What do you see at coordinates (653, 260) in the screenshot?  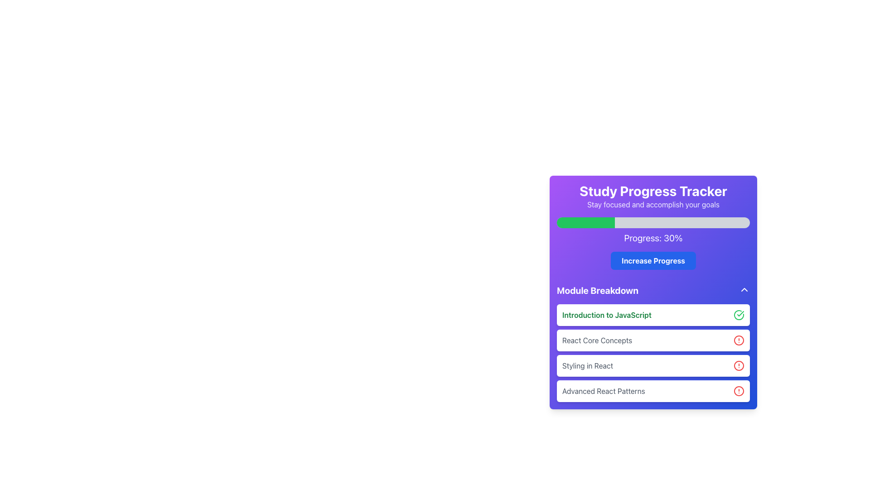 I see `the blue button with rounded corners labeled 'Increase Progress' to increase the progress` at bounding box center [653, 260].